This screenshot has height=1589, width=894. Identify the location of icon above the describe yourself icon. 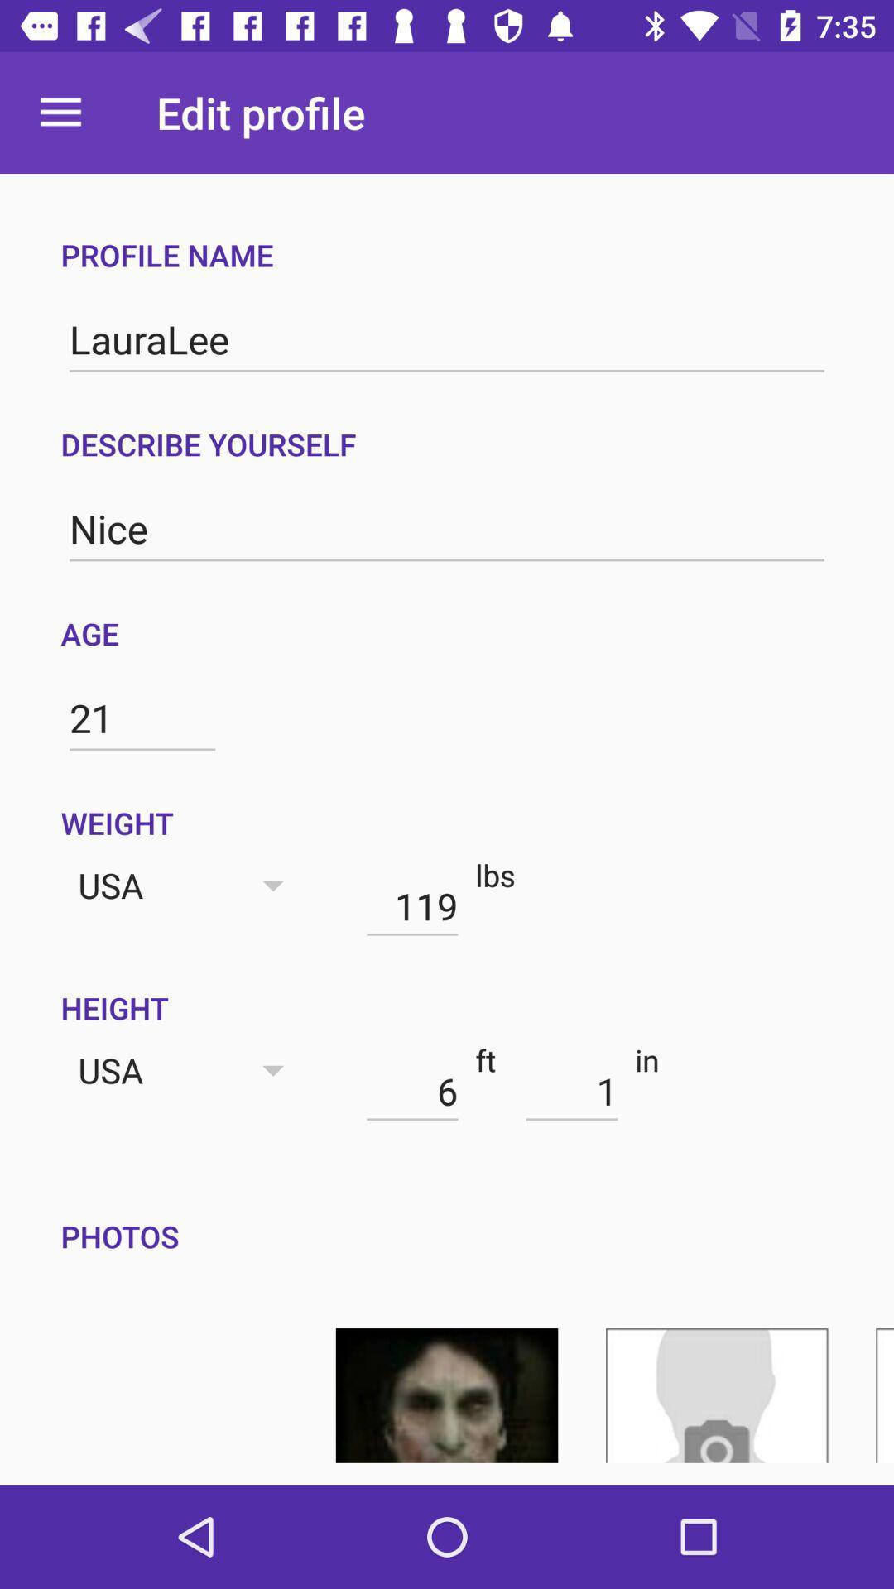
(447, 339).